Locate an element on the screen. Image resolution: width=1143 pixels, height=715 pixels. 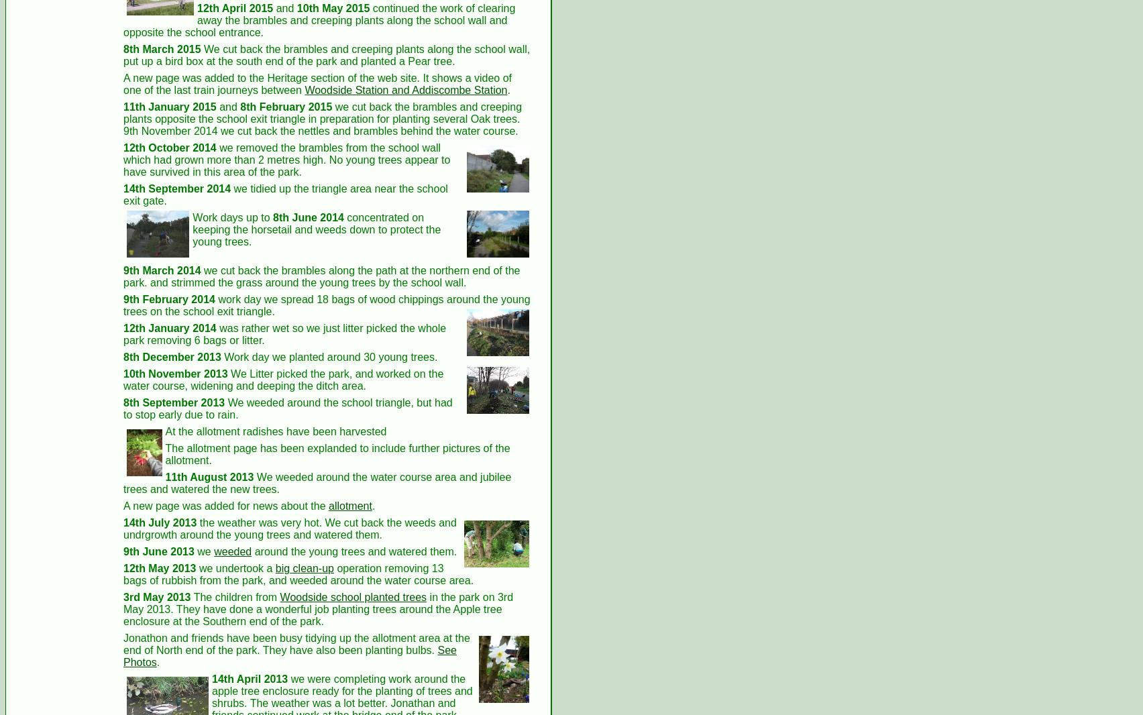
'we' is located at coordinates (203, 551).